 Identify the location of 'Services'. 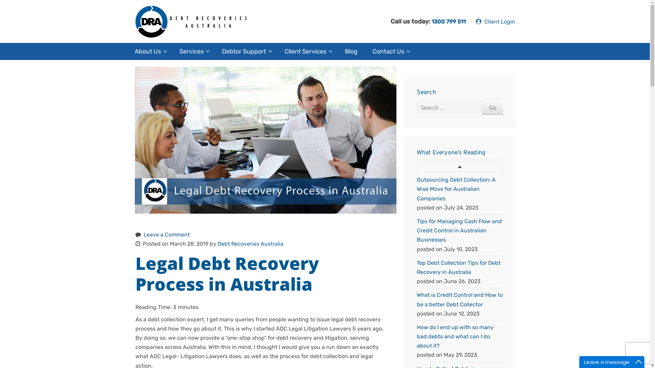
(193, 51).